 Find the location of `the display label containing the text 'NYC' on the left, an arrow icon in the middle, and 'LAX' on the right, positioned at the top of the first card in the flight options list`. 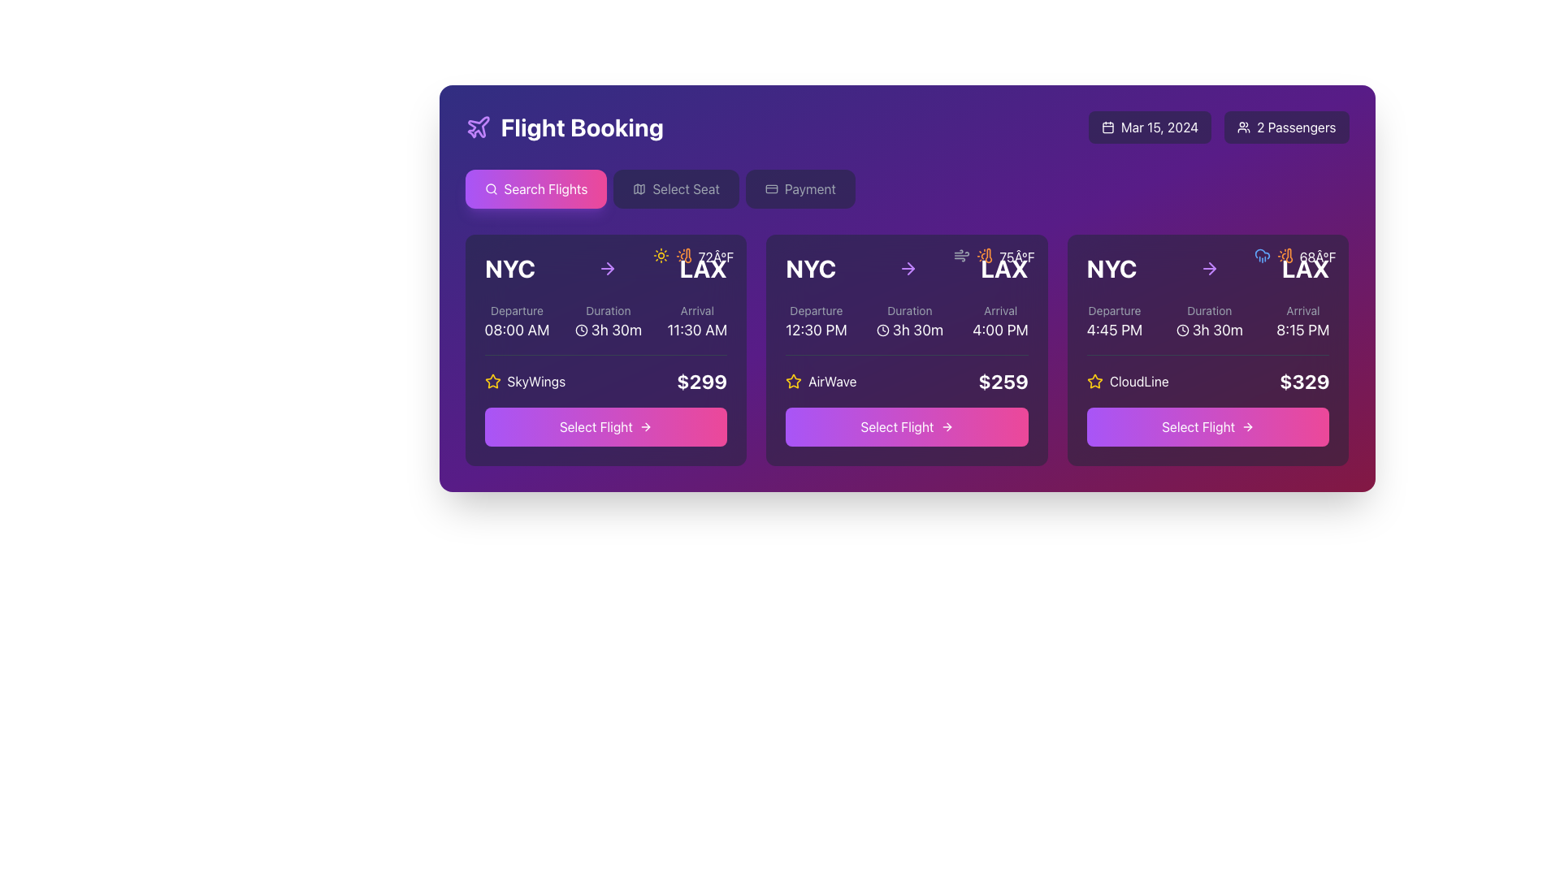

the display label containing the text 'NYC' on the left, an arrow icon in the middle, and 'LAX' on the right, positioned at the top of the first card in the flight options list is located at coordinates (604, 268).